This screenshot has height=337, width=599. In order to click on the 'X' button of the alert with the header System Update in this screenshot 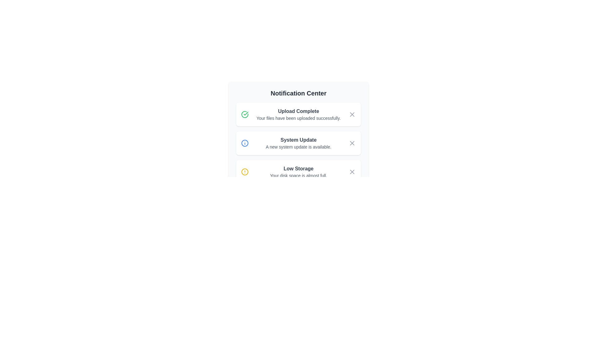, I will do `click(352, 143)`.